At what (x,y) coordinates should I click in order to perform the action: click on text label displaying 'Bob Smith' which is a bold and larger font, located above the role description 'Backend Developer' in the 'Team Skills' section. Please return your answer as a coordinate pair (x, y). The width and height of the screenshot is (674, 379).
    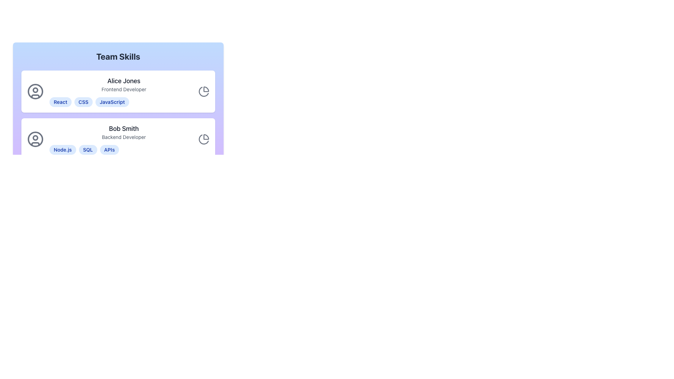
    Looking at the image, I should click on (124, 128).